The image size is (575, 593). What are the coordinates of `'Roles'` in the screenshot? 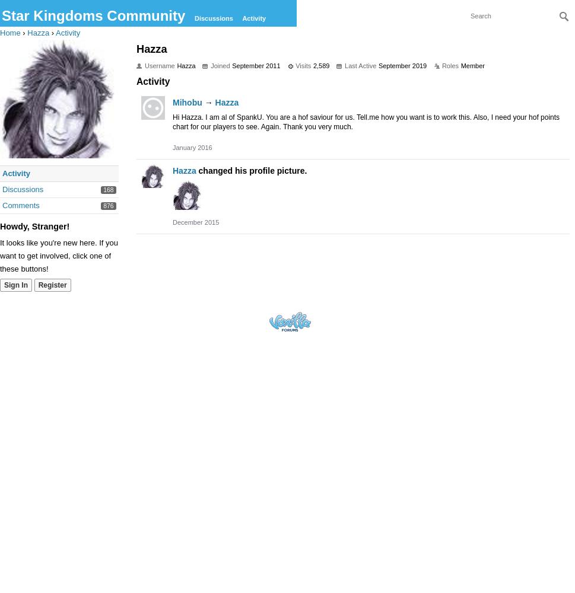 It's located at (441, 65).